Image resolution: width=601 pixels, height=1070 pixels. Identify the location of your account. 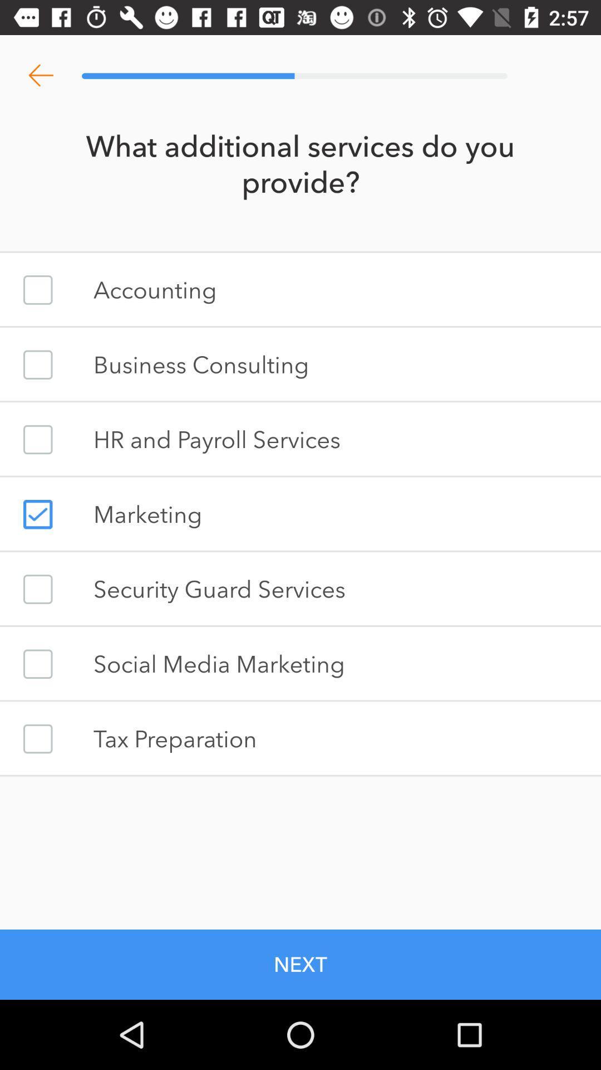
(37, 290).